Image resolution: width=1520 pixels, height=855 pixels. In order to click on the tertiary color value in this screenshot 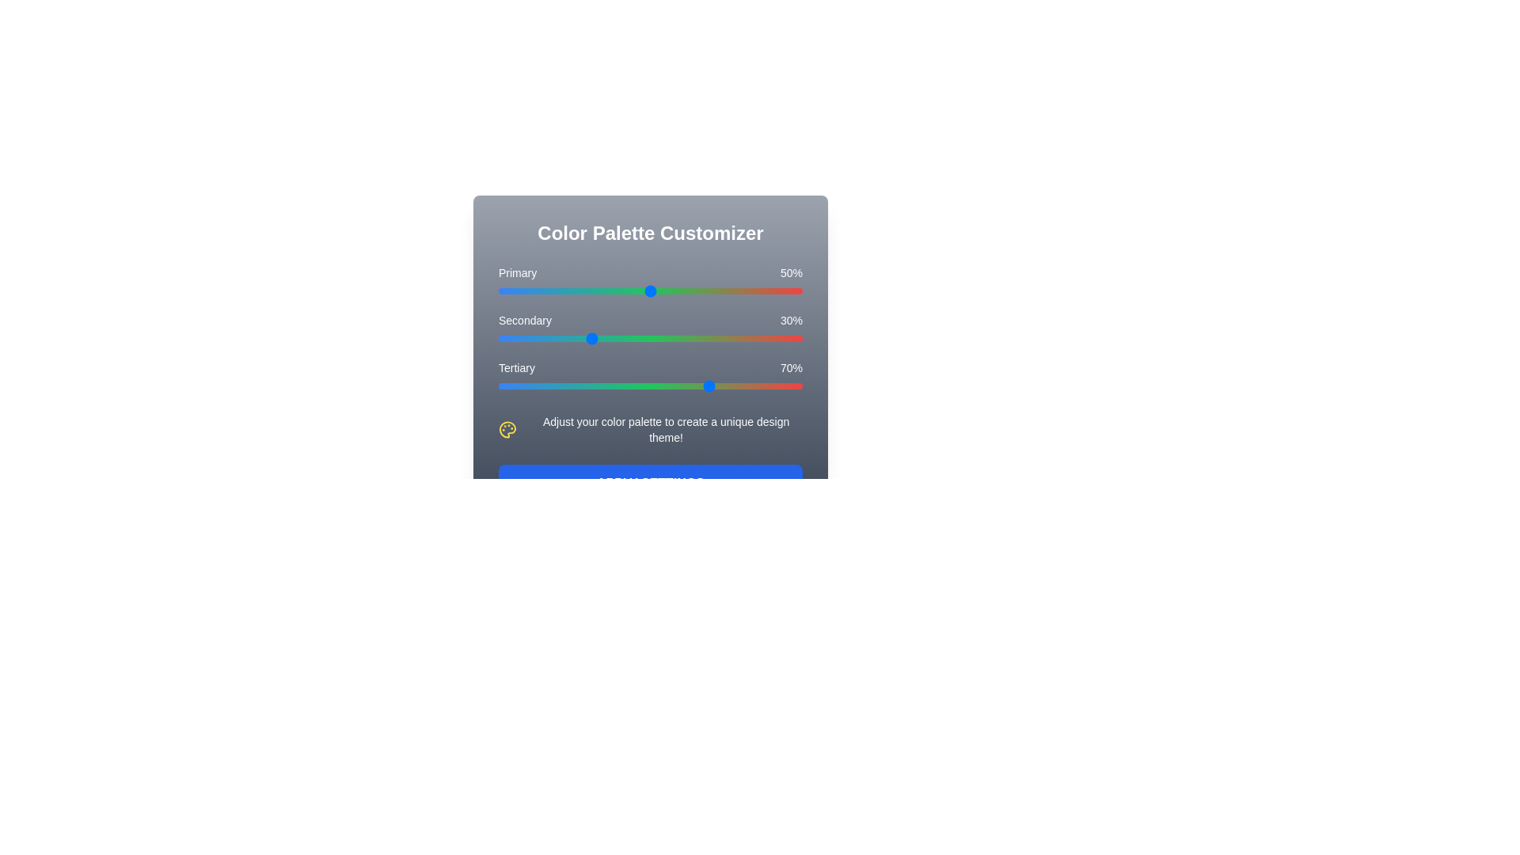, I will do `click(790, 386)`.